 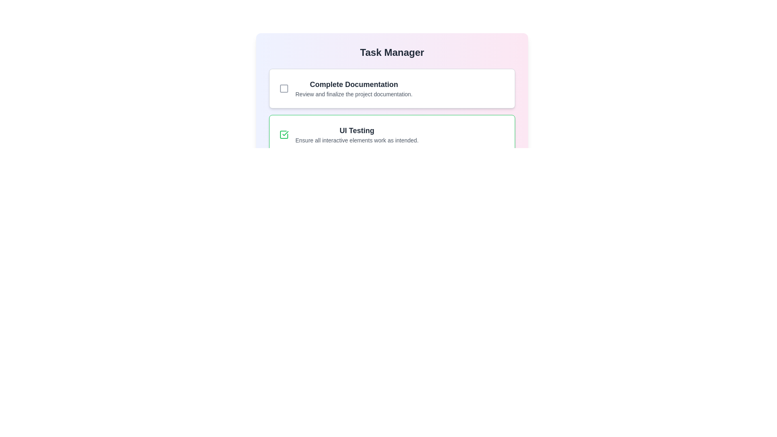 I want to click on the second task item in the 'Task Manager' interface, located directly below the 'Complete Documentation' item, so click(x=392, y=134).